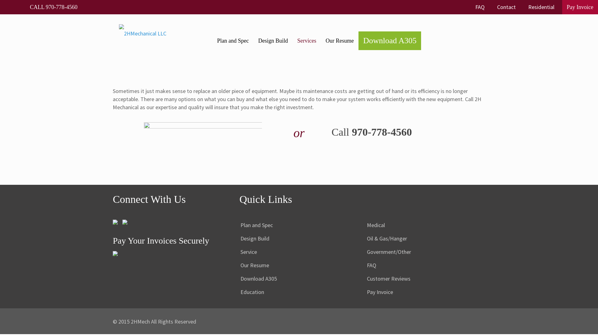  I want to click on 'Pay Invoice', so click(366, 292).